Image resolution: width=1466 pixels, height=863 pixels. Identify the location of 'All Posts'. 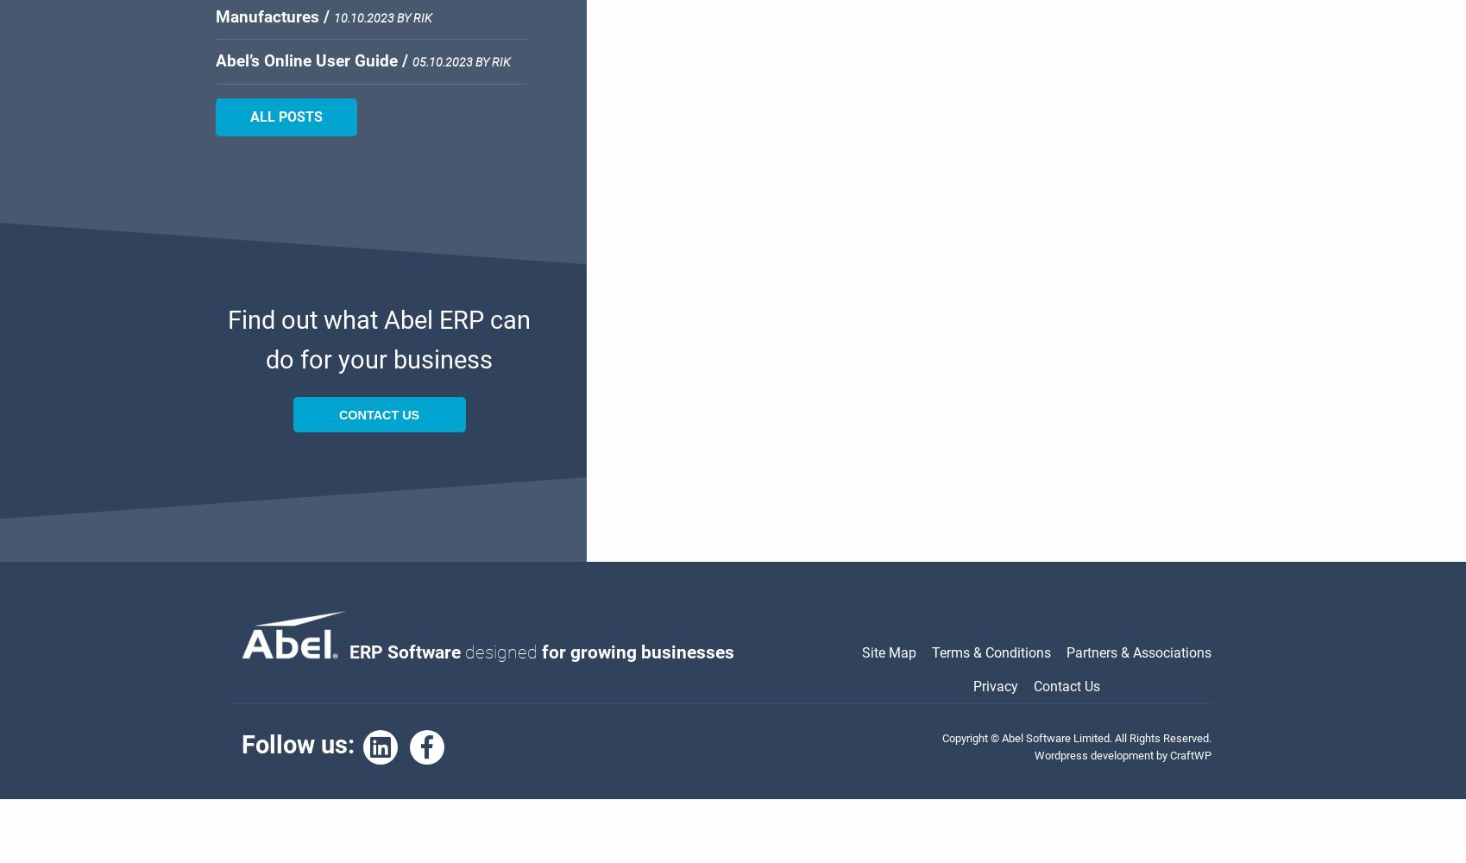
(284, 117).